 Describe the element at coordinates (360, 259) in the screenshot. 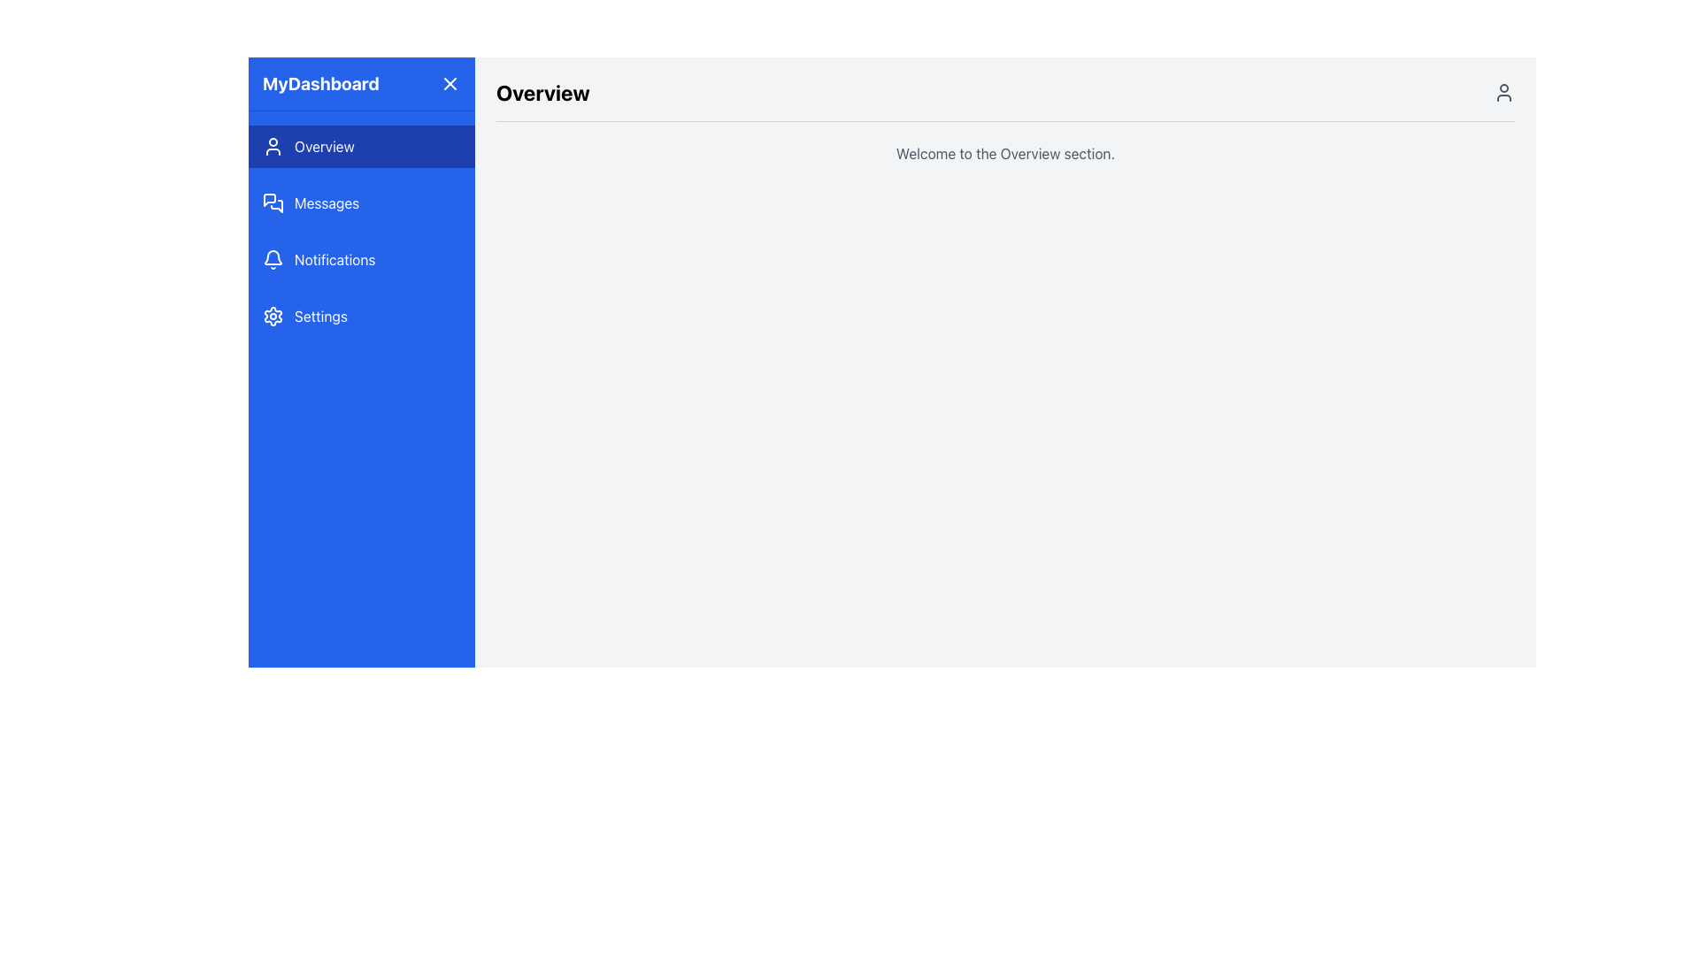

I see `the notifications button located in the vertical list of navigation menu items on the left sidebar, which is positioned between the 'Messages' and 'Settings' menu items` at that location.